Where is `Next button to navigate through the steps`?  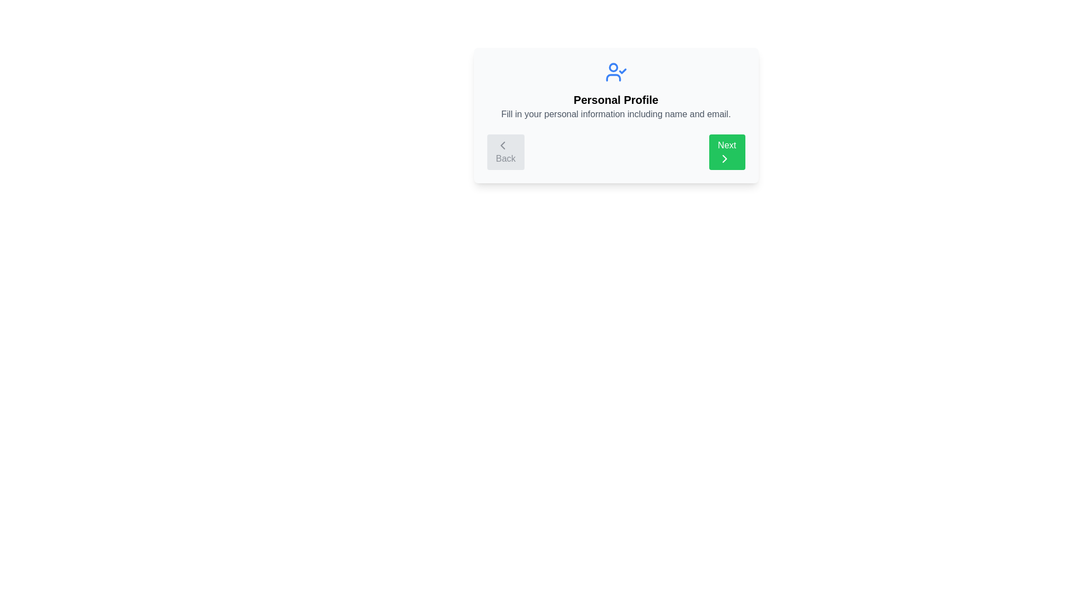 Next button to navigate through the steps is located at coordinates (726, 152).